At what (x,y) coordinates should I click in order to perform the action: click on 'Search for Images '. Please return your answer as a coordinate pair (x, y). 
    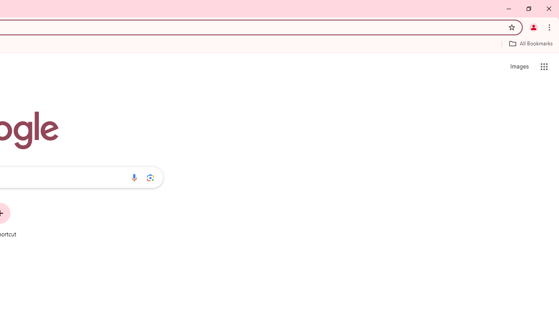
    Looking at the image, I should click on (519, 66).